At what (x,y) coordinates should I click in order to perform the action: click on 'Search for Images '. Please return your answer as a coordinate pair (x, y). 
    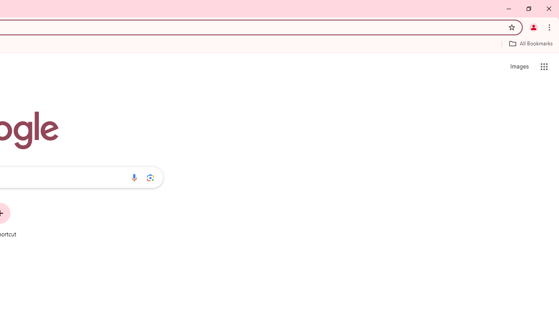
    Looking at the image, I should click on (519, 66).